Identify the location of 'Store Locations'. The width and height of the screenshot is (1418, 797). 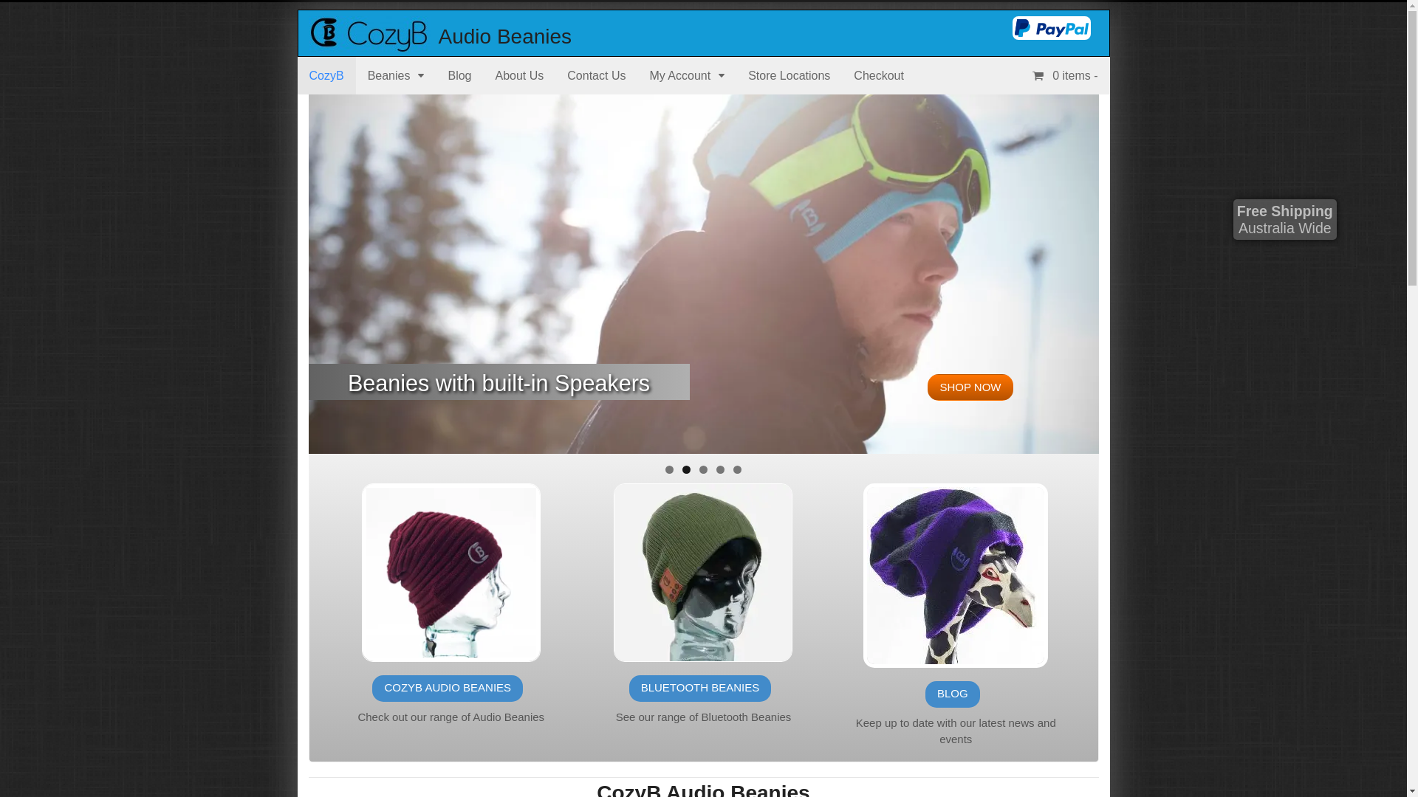
(788, 75).